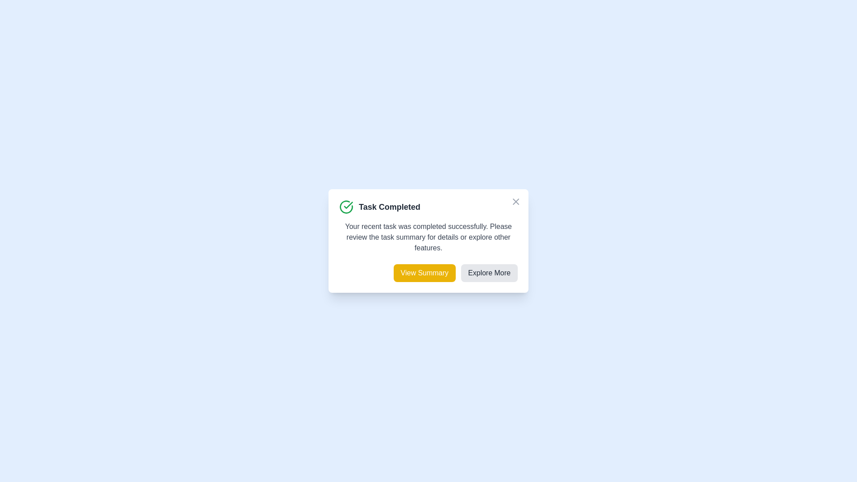 This screenshot has height=482, width=857. Describe the element at coordinates (516, 201) in the screenshot. I see `the close button in the top-right corner of the dialog to dismiss it` at that location.